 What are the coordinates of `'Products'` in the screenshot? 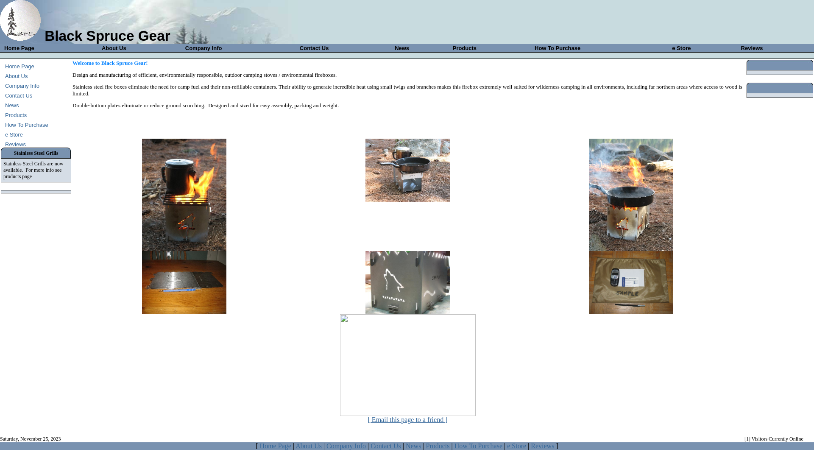 It's located at (438, 445).